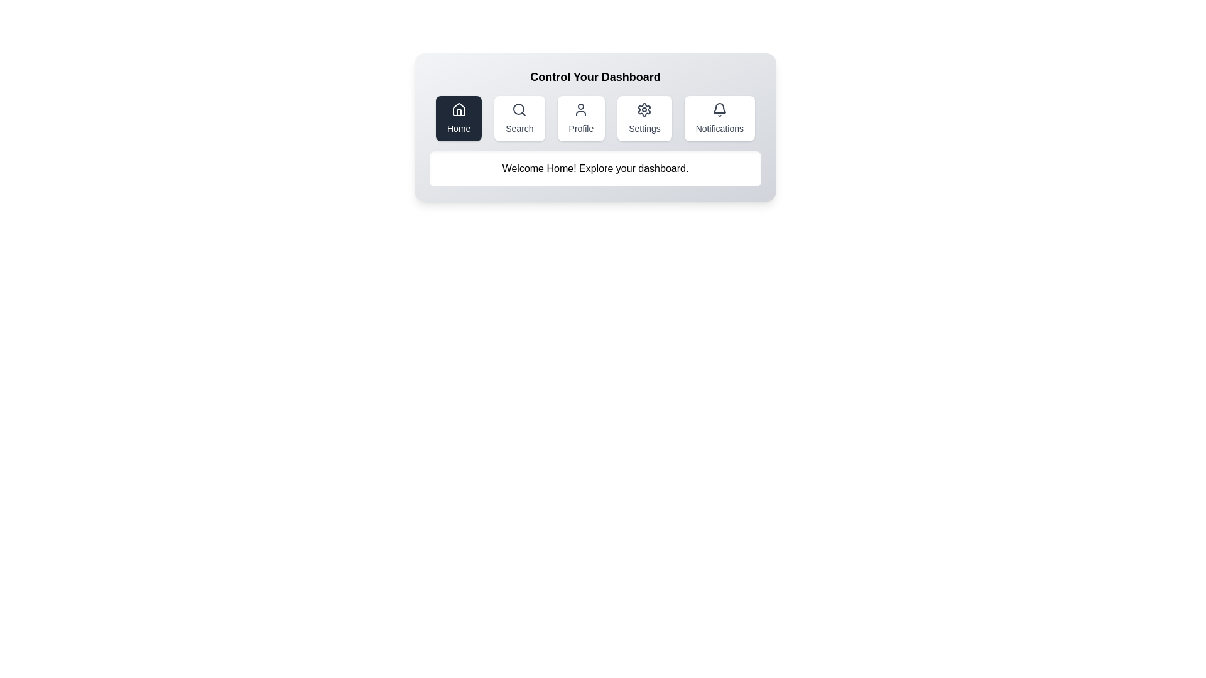 Image resolution: width=1206 pixels, height=678 pixels. What do you see at coordinates (580, 119) in the screenshot?
I see `the navigational button located at the center-right of the navigation menu to observe visual transition effects` at bounding box center [580, 119].